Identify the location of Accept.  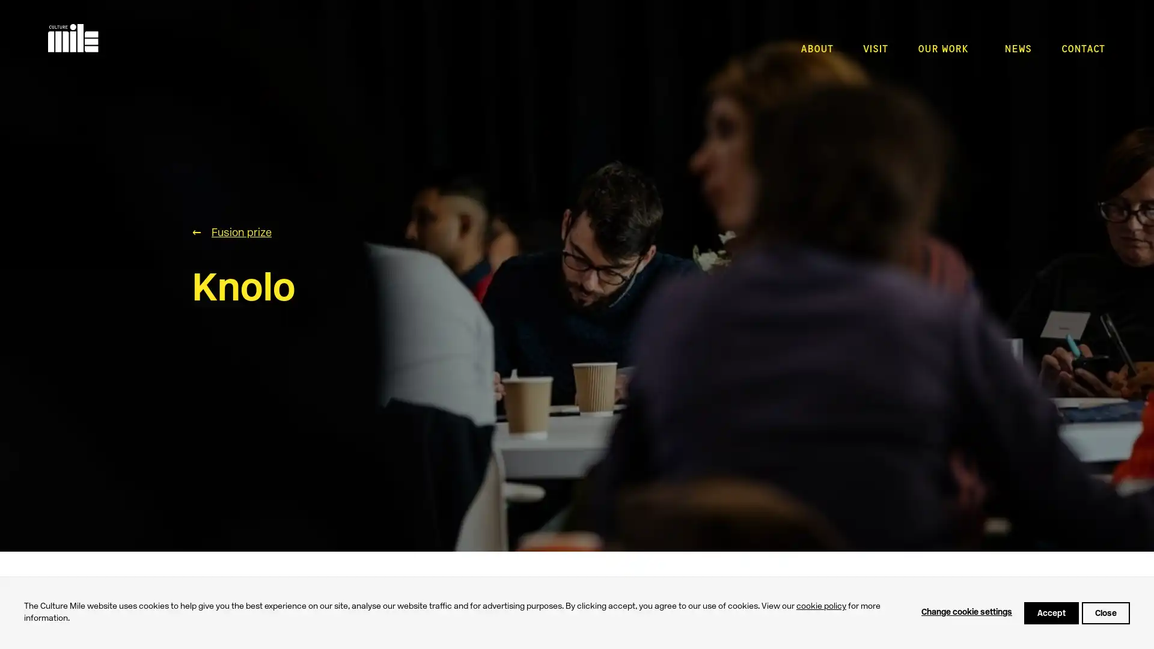
(1051, 612).